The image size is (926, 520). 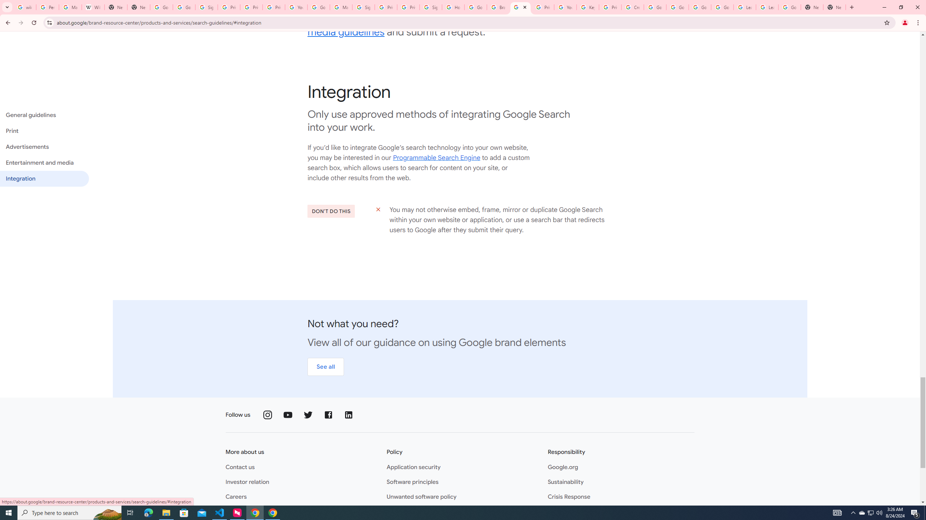 What do you see at coordinates (812, 7) in the screenshot?
I see `'New Tab'` at bounding box center [812, 7].